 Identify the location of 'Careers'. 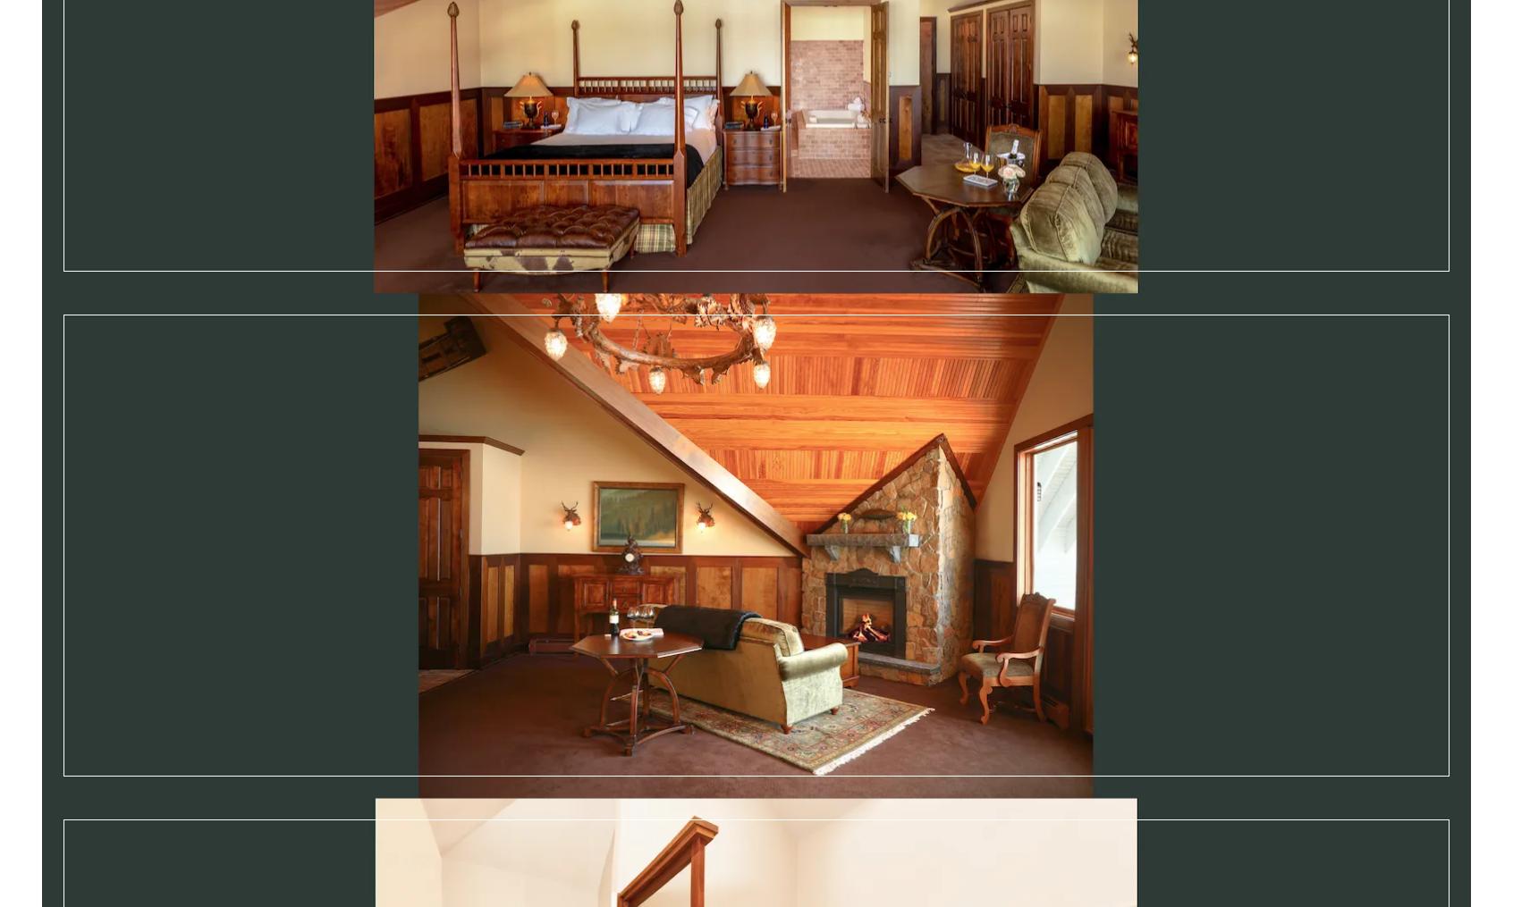
(486, 868).